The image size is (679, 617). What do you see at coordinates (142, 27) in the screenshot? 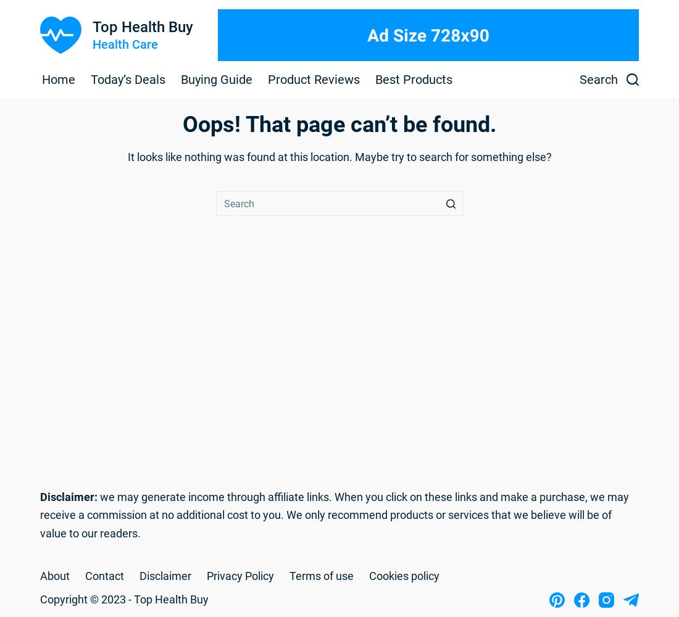
I see `'Top Health Buy'` at bounding box center [142, 27].